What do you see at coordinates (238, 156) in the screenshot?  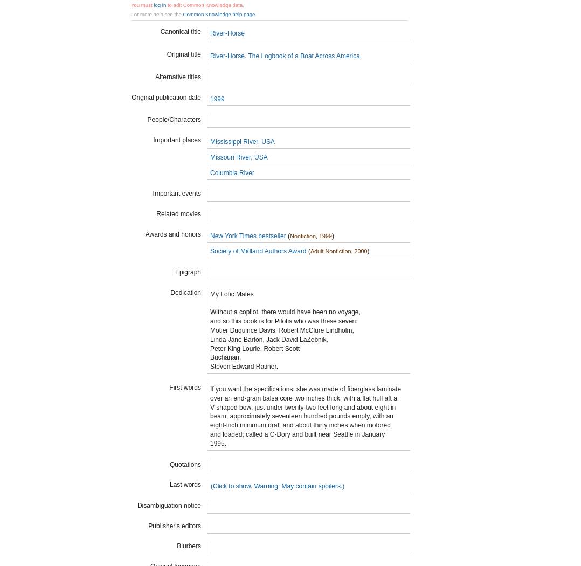 I see `'Missouri River, USA'` at bounding box center [238, 156].